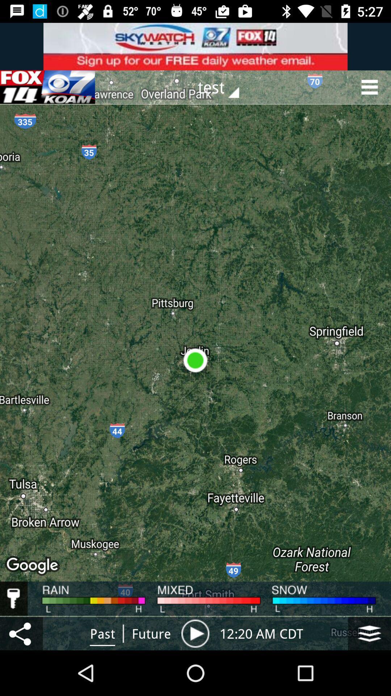  I want to click on the layers icon, so click(369, 633).